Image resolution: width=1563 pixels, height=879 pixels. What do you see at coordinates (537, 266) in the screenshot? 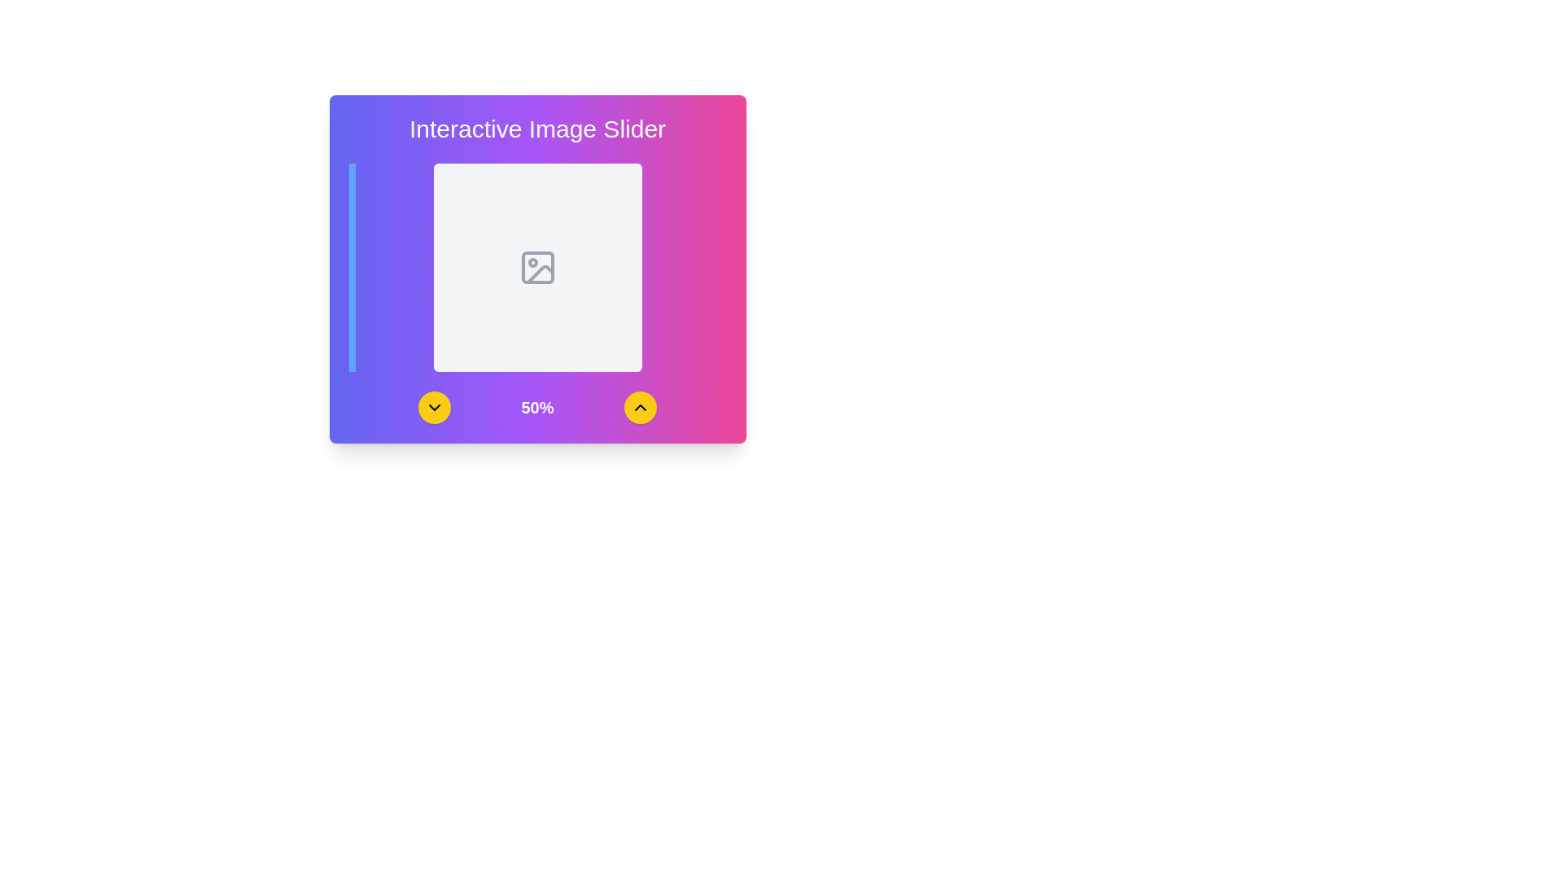
I see `the small icon representing an image, which has a square outline with a circular detail inside and a diagonal line resembling a photo, located in the center of the gray square area within the pink and purple rectangular section` at bounding box center [537, 266].